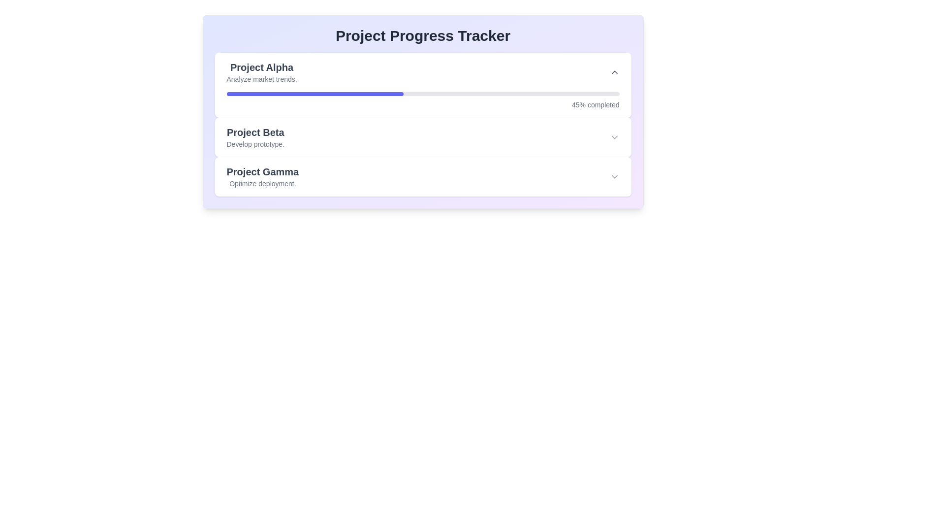 This screenshot has width=945, height=532. I want to click on the chevron down icon button located at the far right of the 'Project Beta' task card, so click(614, 137).